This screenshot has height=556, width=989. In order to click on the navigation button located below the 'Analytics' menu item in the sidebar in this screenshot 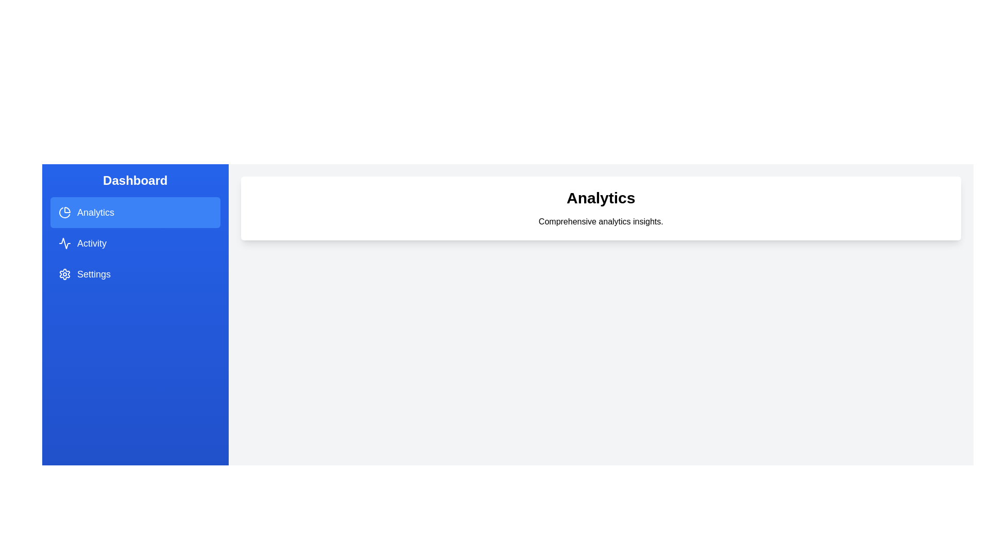, I will do `click(134, 244)`.